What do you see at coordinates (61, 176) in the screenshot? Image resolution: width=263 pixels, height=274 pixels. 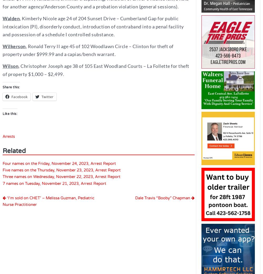 I see `'Three names on Wednesday, November 22, 2023, Arrest Report'` at bounding box center [61, 176].